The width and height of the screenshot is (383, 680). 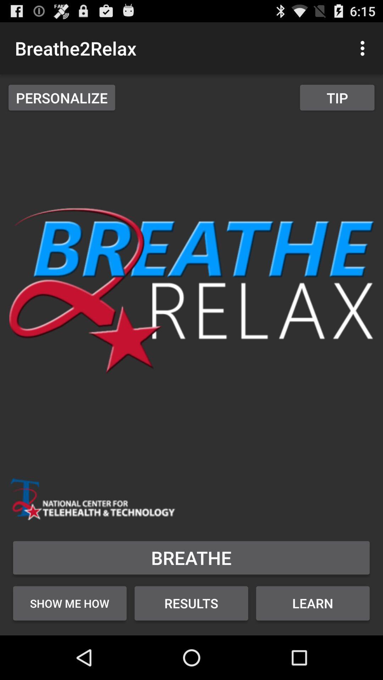 What do you see at coordinates (191, 603) in the screenshot?
I see `item below the breathe button` at bounding box center [191, 603].